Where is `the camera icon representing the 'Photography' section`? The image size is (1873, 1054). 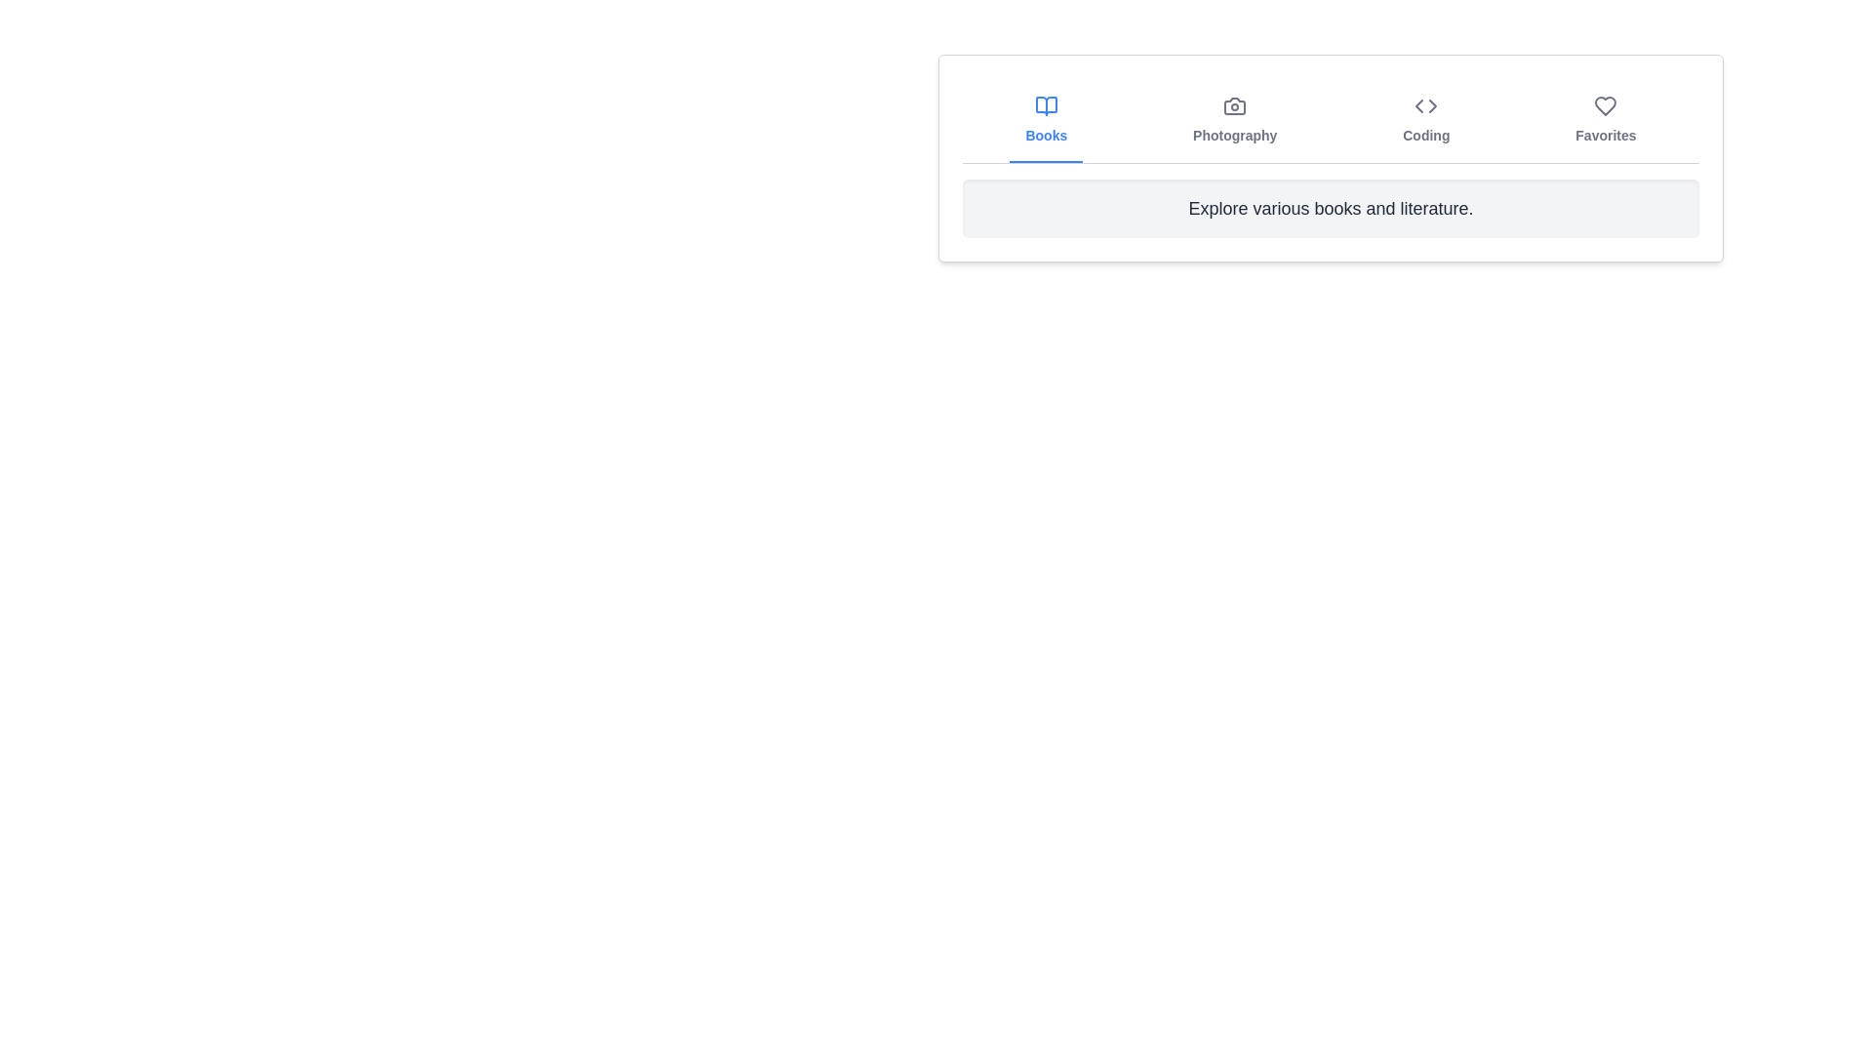 the camera icon representing the 'Photography' section is located at coordinates (1234, 105).